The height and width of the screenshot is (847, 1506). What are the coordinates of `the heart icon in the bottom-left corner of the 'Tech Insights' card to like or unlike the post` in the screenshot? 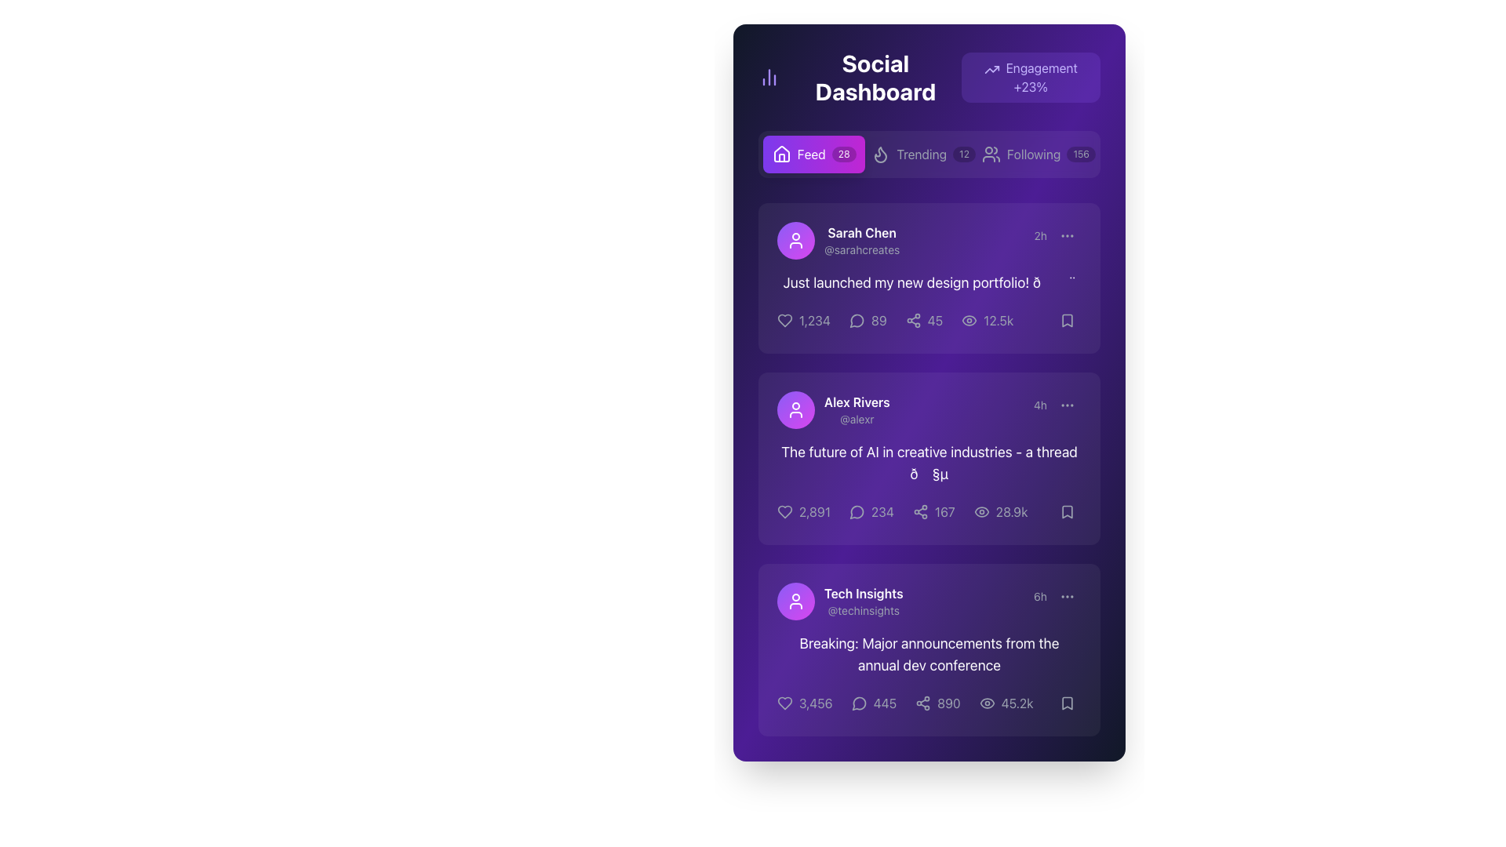 It's located at (805, 703).